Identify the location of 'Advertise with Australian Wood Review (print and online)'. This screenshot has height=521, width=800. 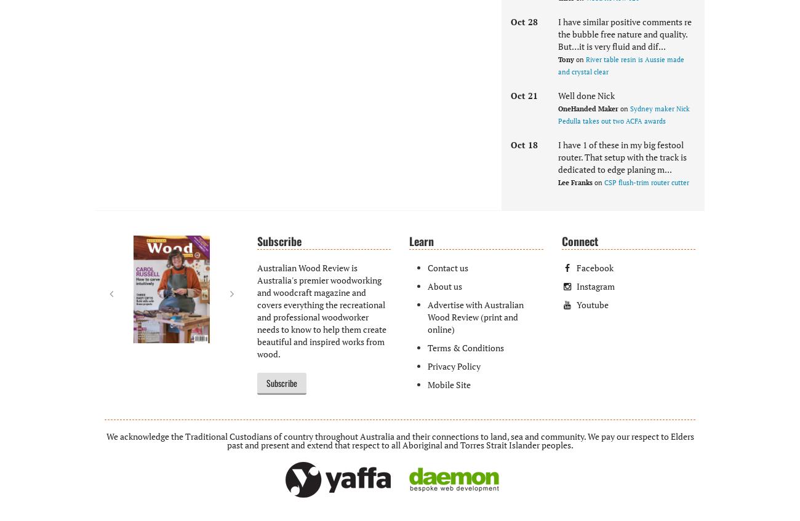
(474, 316).